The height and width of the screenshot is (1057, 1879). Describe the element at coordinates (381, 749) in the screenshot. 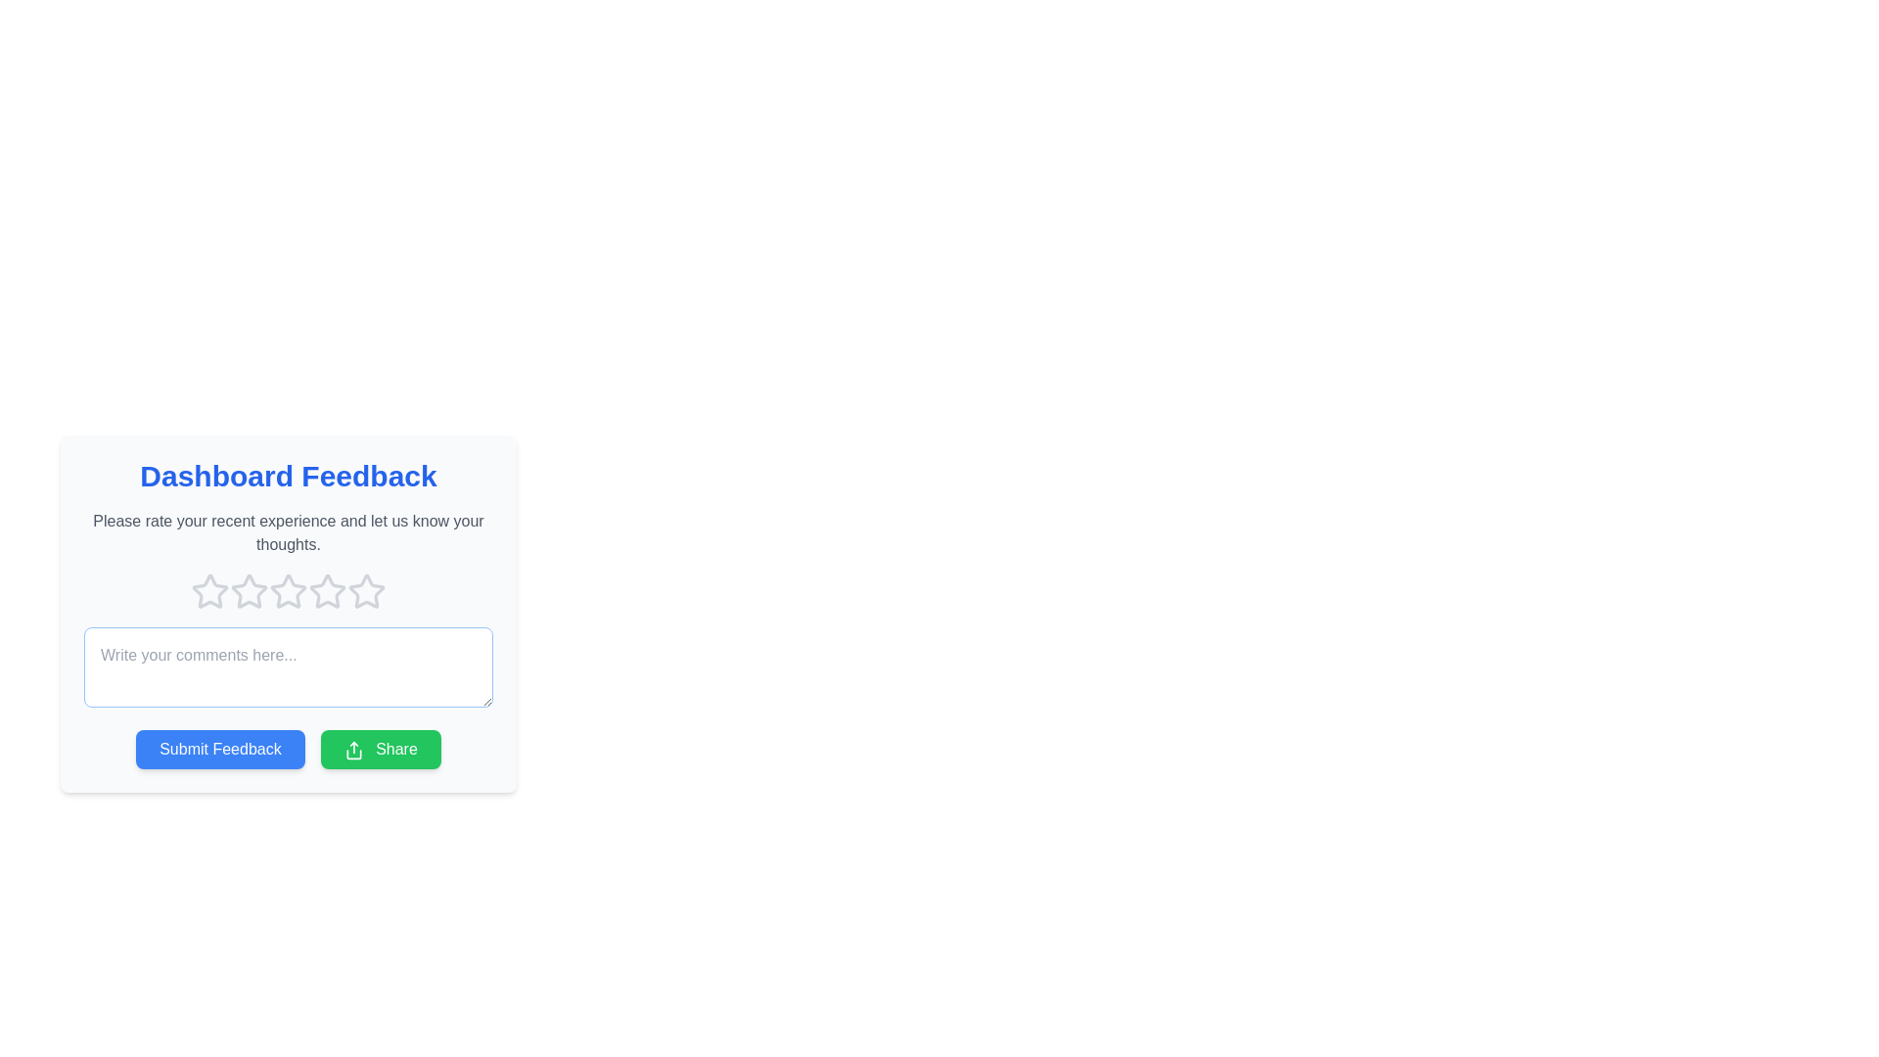

I see `the 'Share' button, which is a rectangular button with a vibrant green background and white text` at that location.